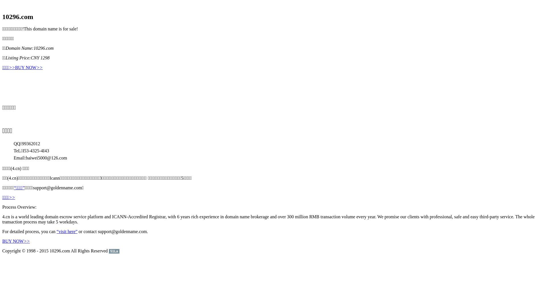 The image size is (546, 307). What do you see at coordinates (28, 67) in the screenshot?
I see `'BUY NOW>>'` at bounding box center [28, 67].